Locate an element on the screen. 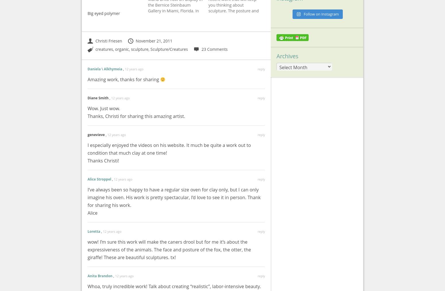 Image resolution: width=445 pixels, height=291 pixels. 'I especially enjoyed the videos on his website. It much be quite a work out to condition that much clay at one time!' is located at coordinates (88, 149).